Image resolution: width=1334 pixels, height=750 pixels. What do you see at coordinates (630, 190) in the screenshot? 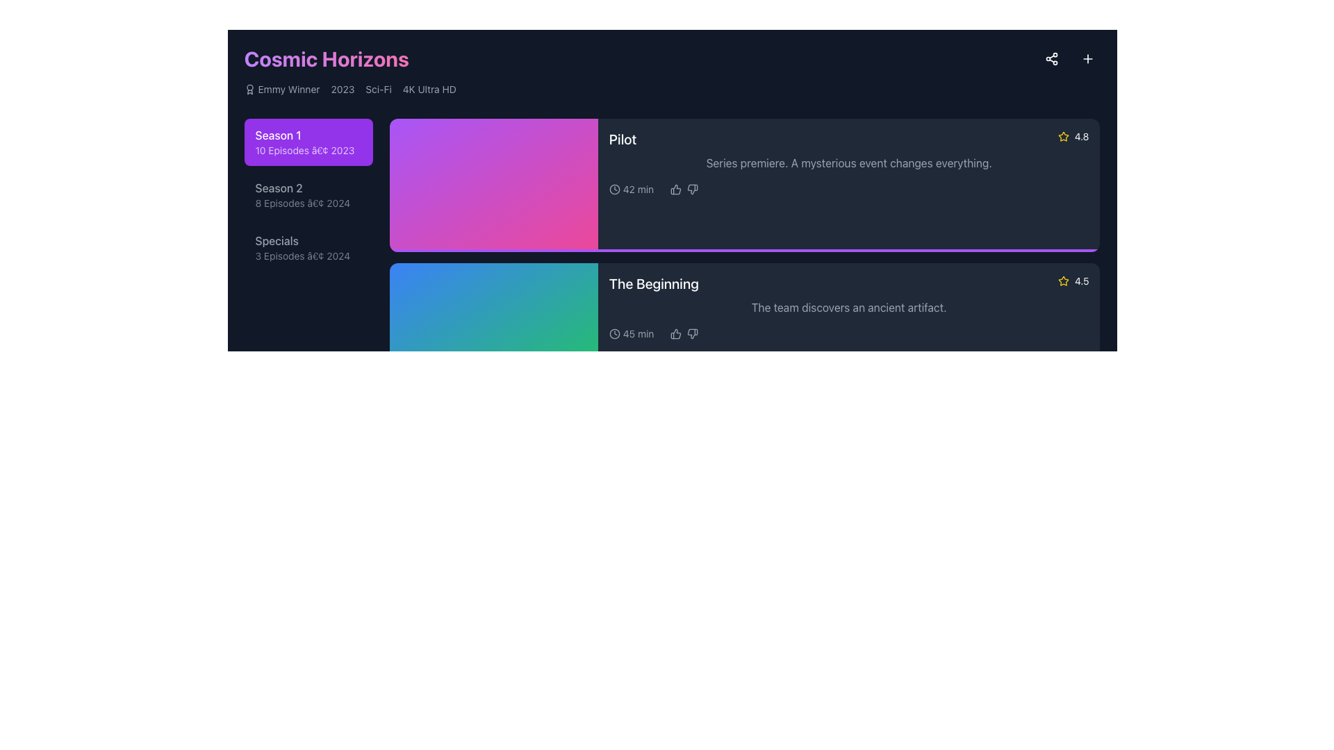
I see `the text display element showing the duration of the content item associated with the title 'Pilot' in the media display interface` at bounding box center [630, 190].